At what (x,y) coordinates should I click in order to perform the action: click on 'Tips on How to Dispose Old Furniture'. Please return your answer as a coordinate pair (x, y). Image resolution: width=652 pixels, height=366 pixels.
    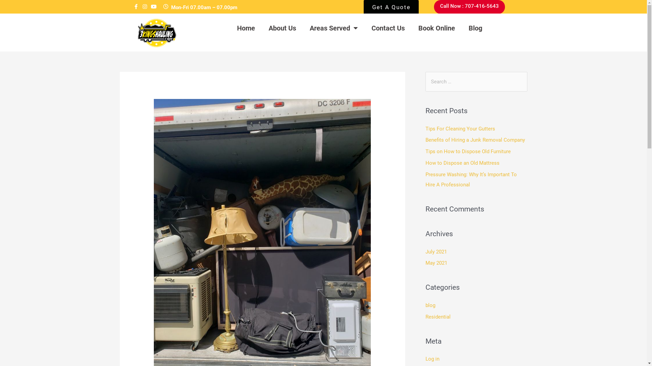
    Looking at the image, I should click on (467, 151).